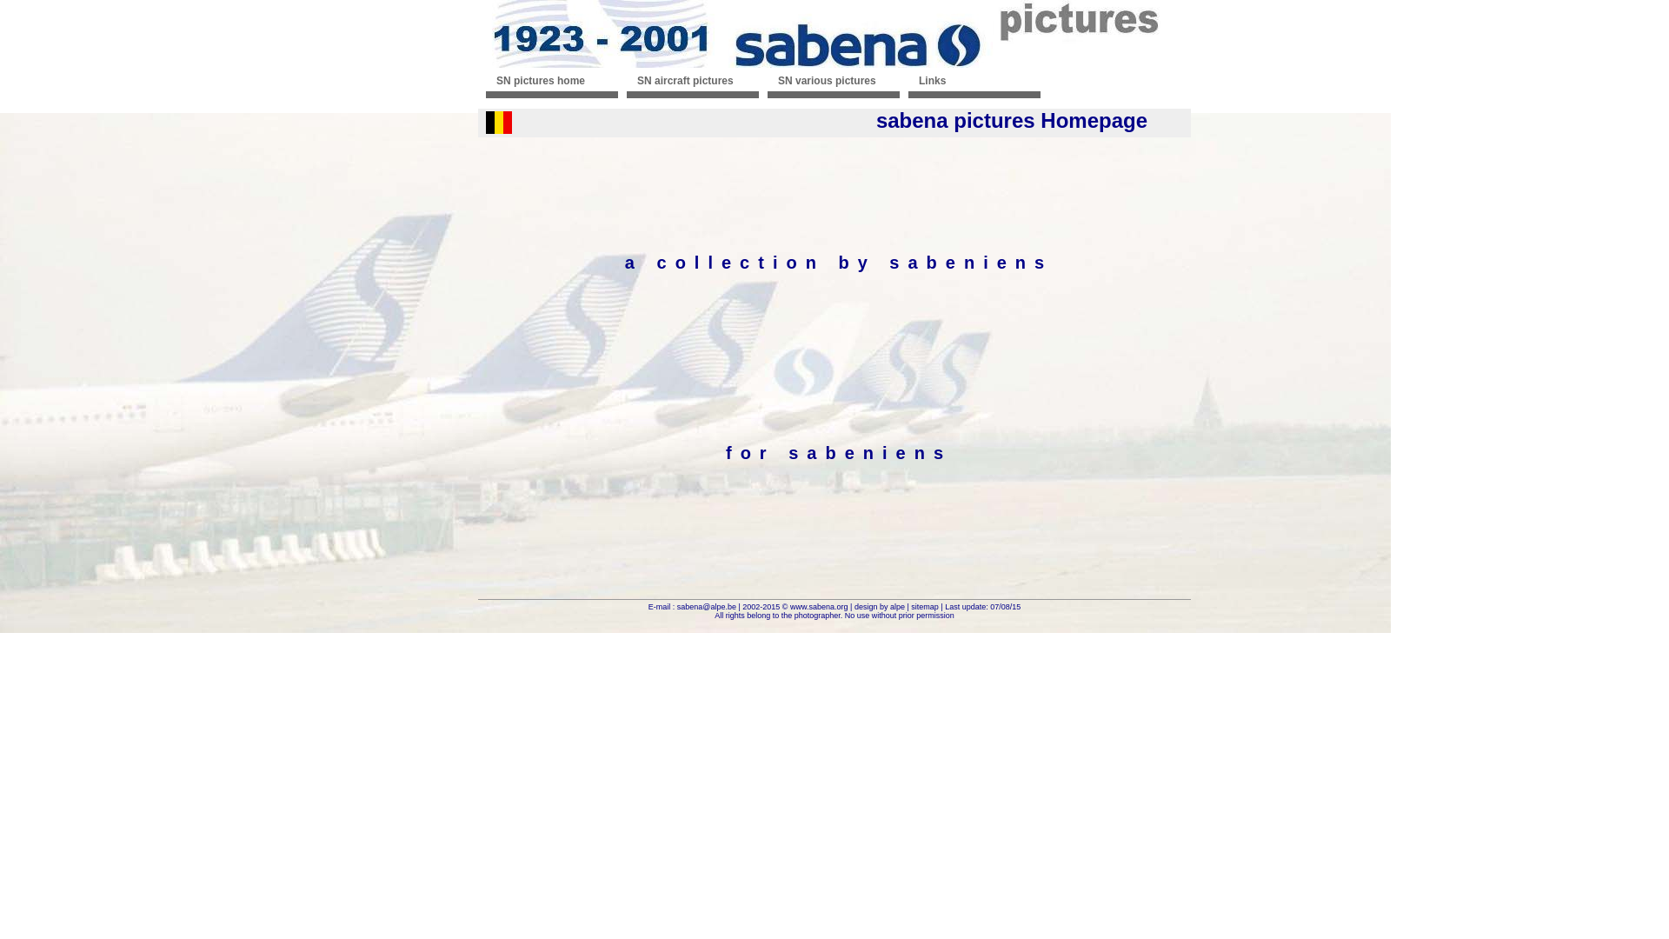  I want to click on 'www.sabena.org', so click(818, 606).